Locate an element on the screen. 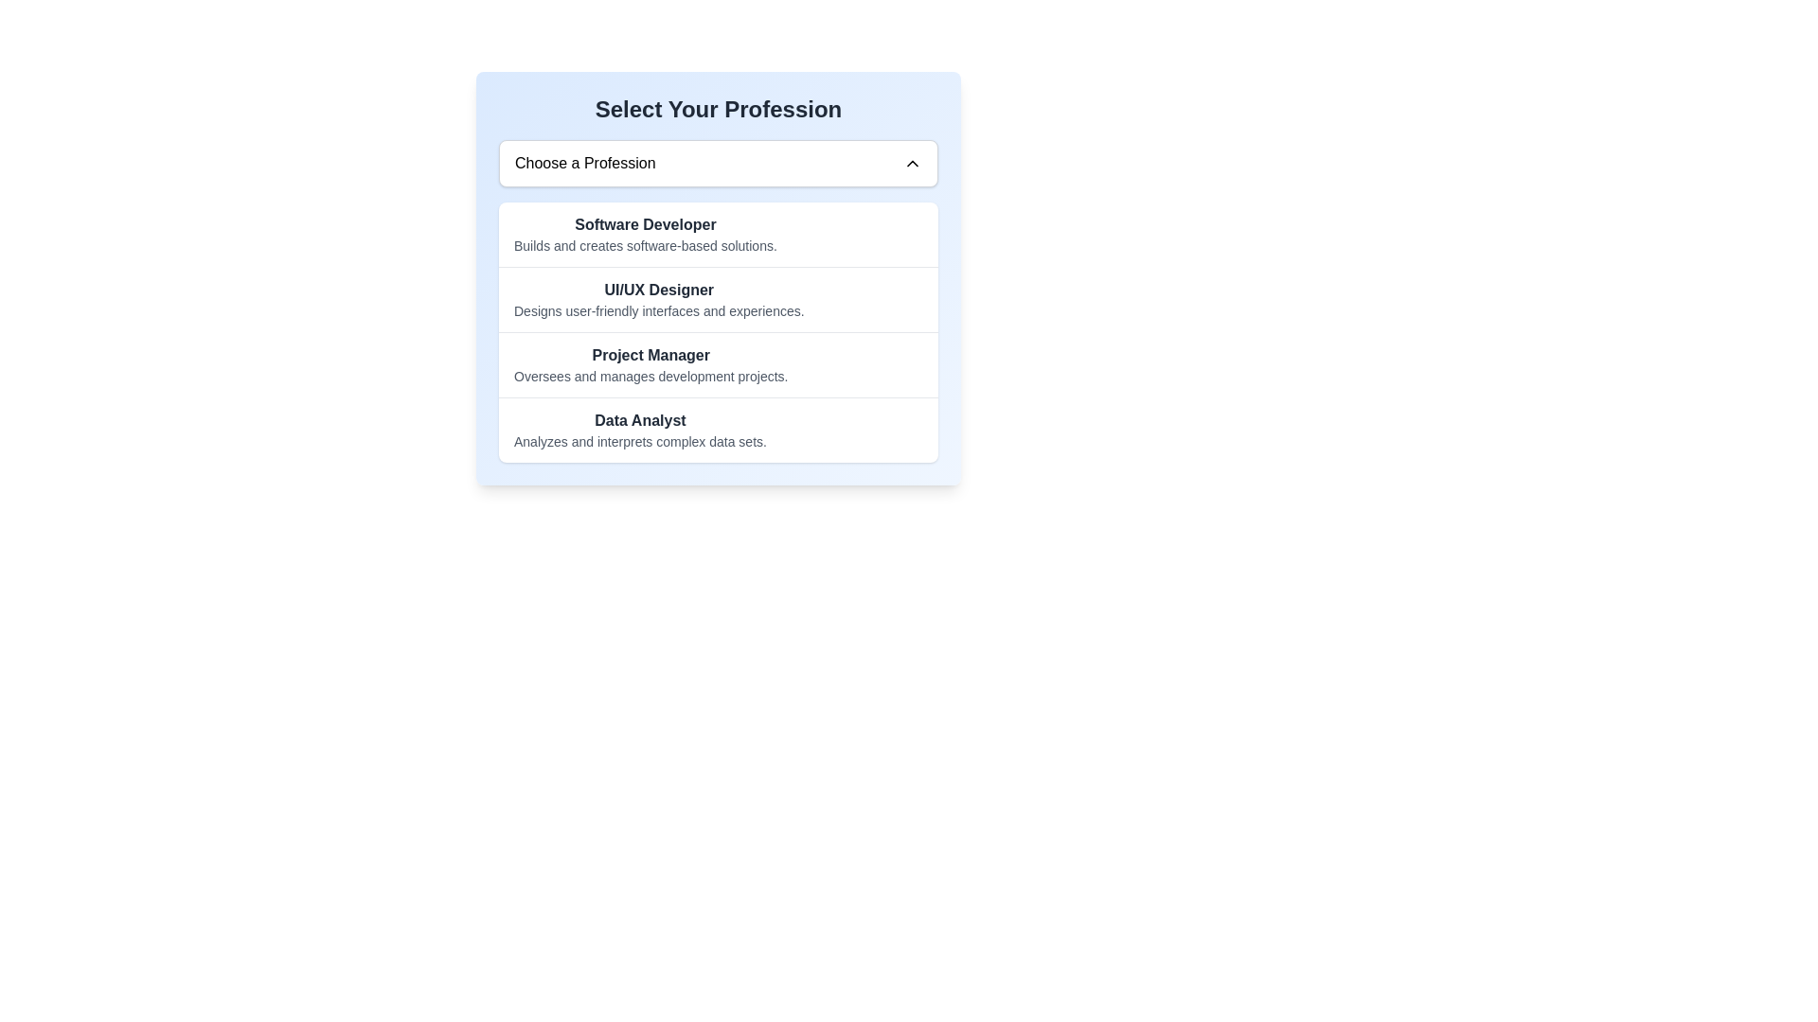 Image resolution: width=1818 pixels, height=1022 pixels. the selectable list item labeled 'Project Manager' is located at coordinates (717, 364).